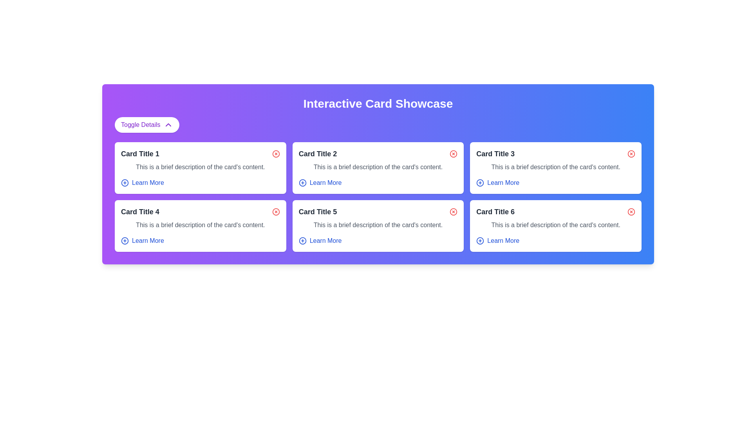  What do you see at coordinates (378, 167) in the screenshot?
I see `the textual content area that provides a concise description of the card, located below 'Card Title 2' and above the 'Learn More' link in the second card of the first row` at bounding box center [378, 167].